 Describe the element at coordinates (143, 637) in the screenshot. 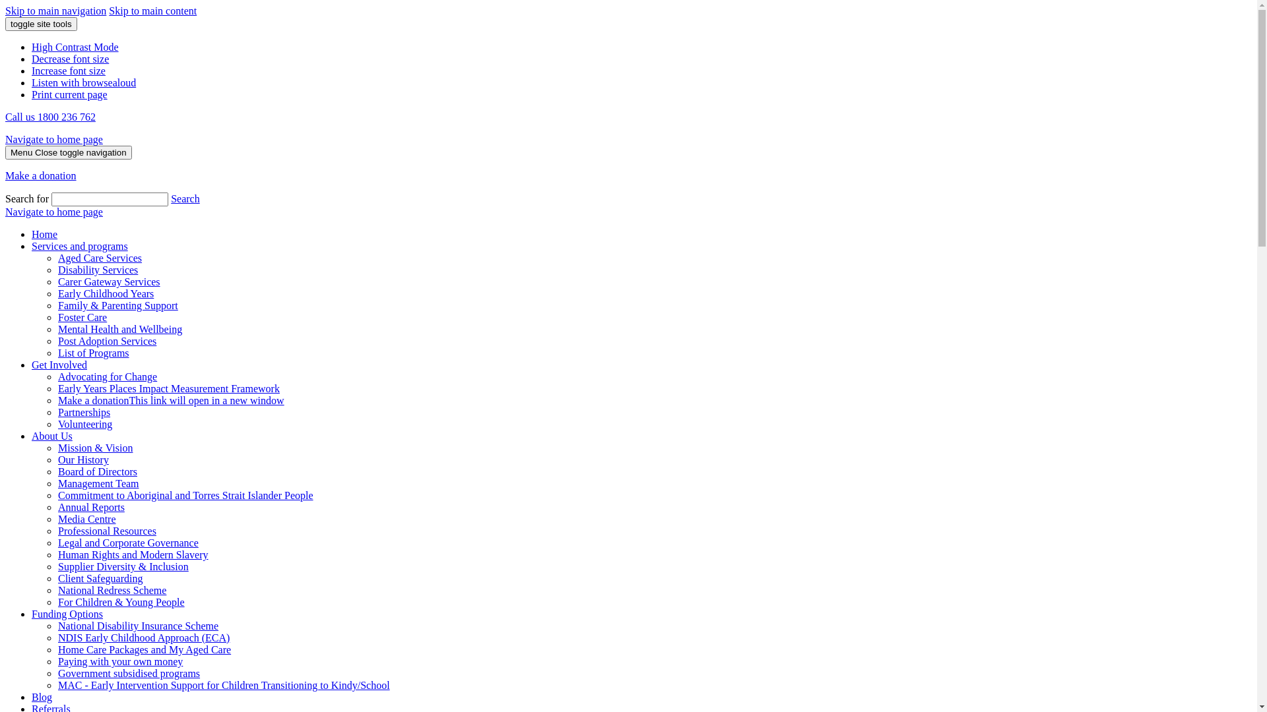

I see `'NDIS Early Childhood Approach (ECA)'` at that location.